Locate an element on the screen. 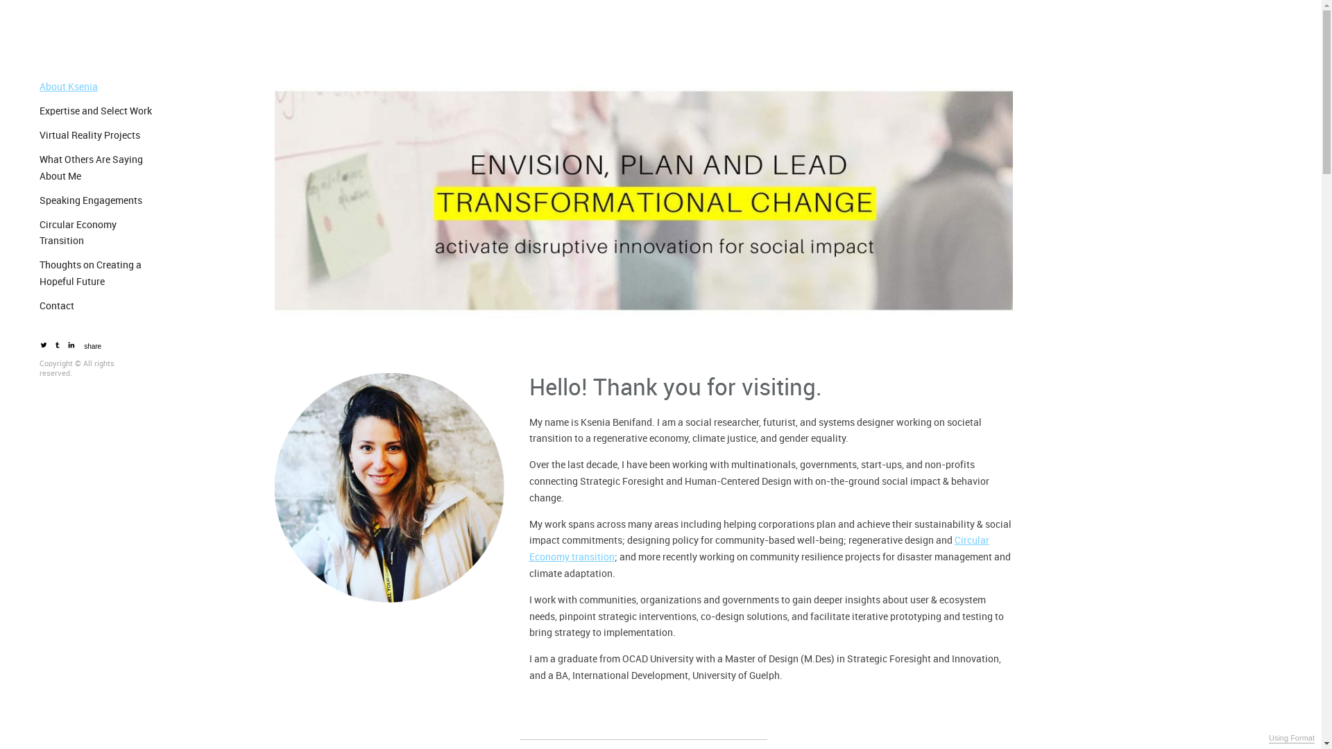  'Virtual Reality Projects' is located at coordinates (91, 135).